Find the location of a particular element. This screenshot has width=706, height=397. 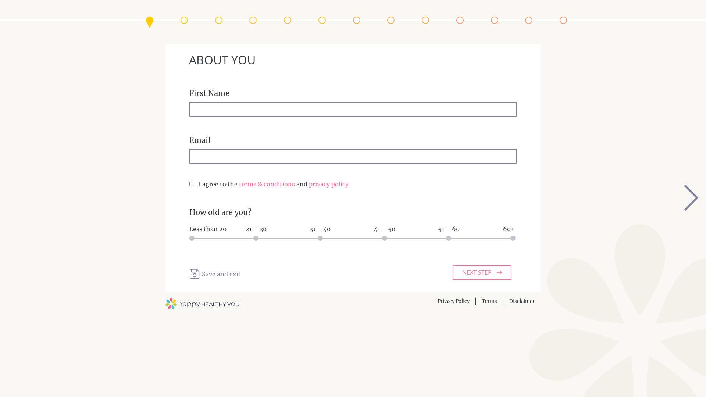

'Terms' is located at coordinates (489, 301).